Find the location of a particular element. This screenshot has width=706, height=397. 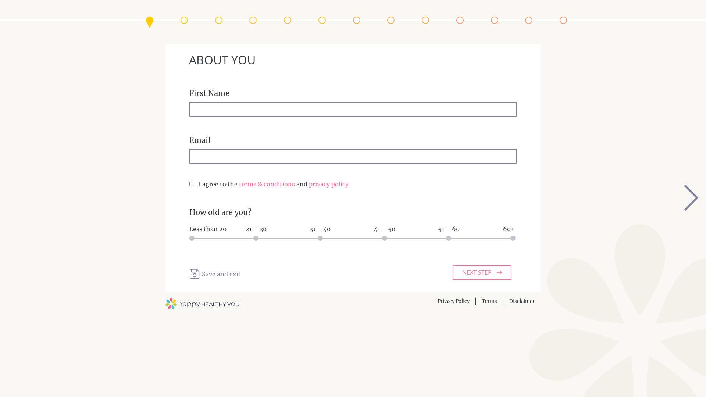

'Terms' is located at coordinates (489, 301).